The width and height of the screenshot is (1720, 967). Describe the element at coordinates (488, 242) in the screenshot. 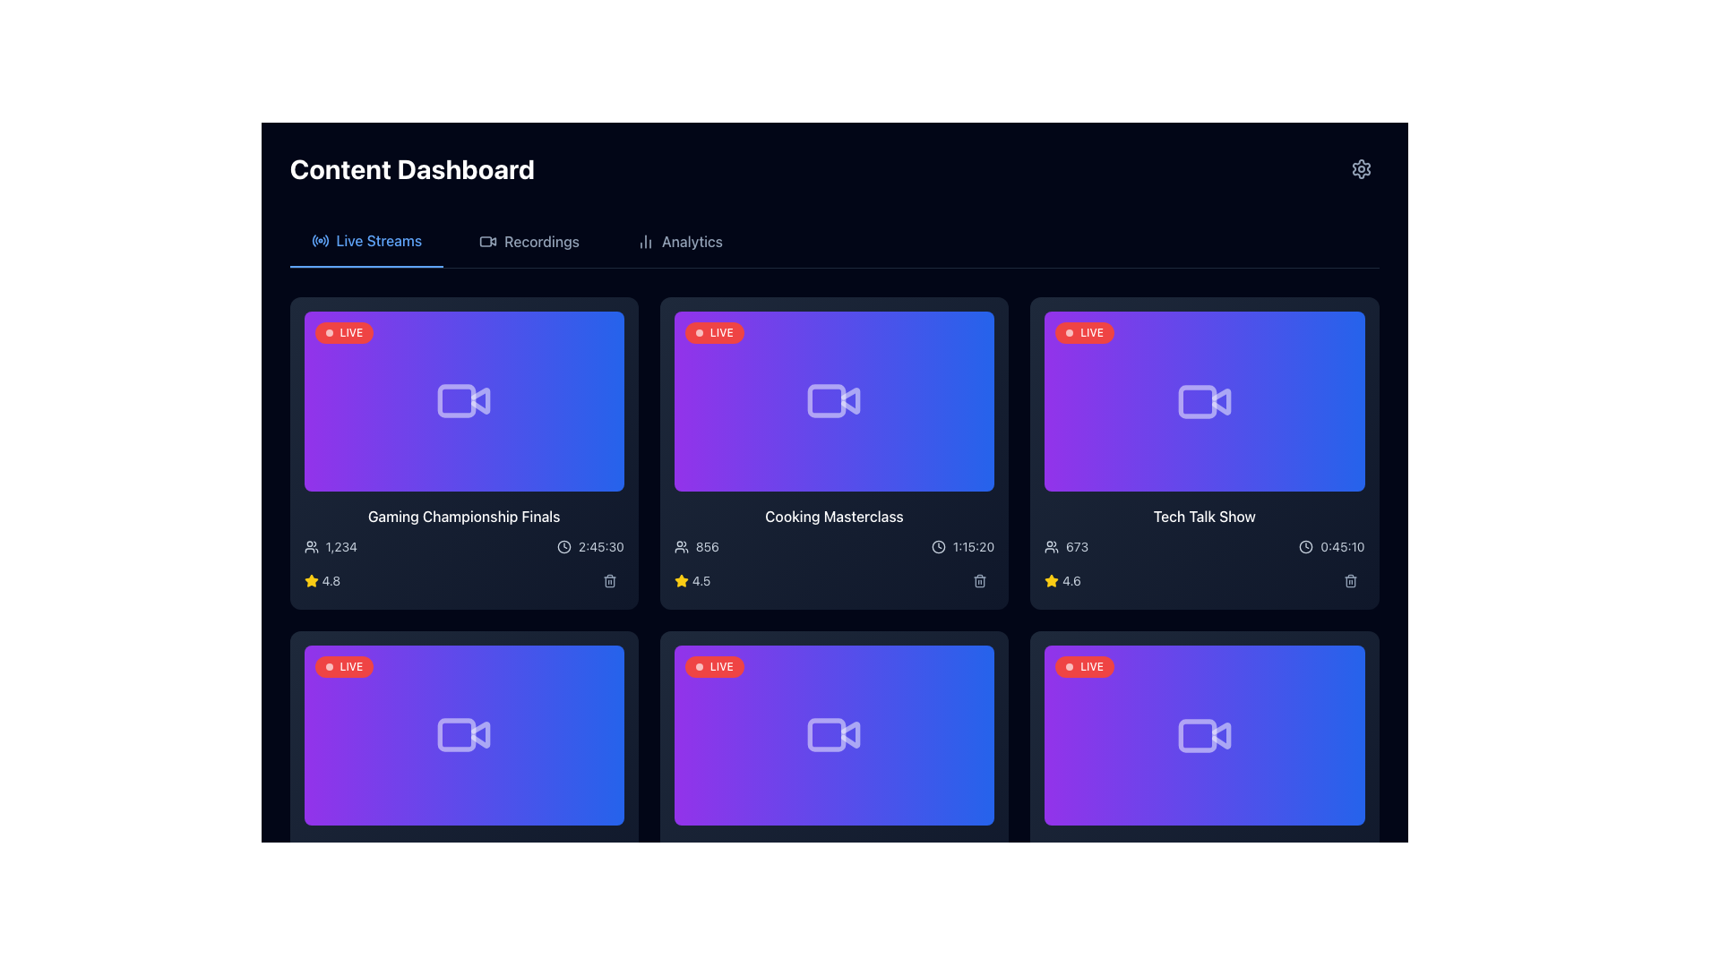

I see `'Recordings' icon in the dashboard's navigation bar using developer tools, located between 'Live Streams' and 'Analytics'` at that location.